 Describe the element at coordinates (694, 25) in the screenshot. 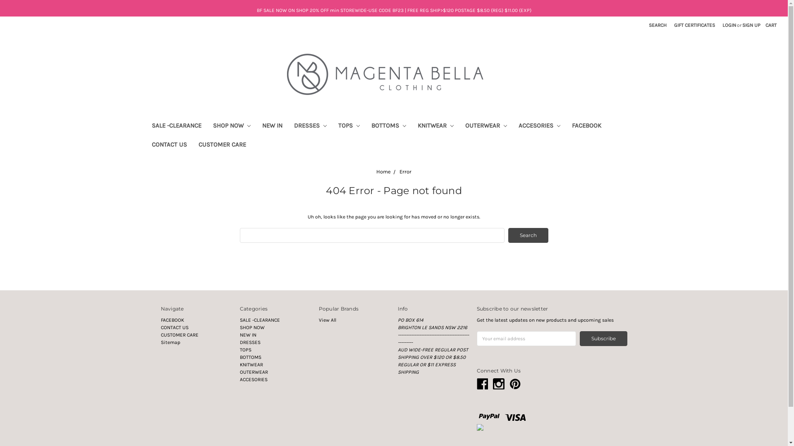

I see `'GIFT CERTIFICATES'` at that location.